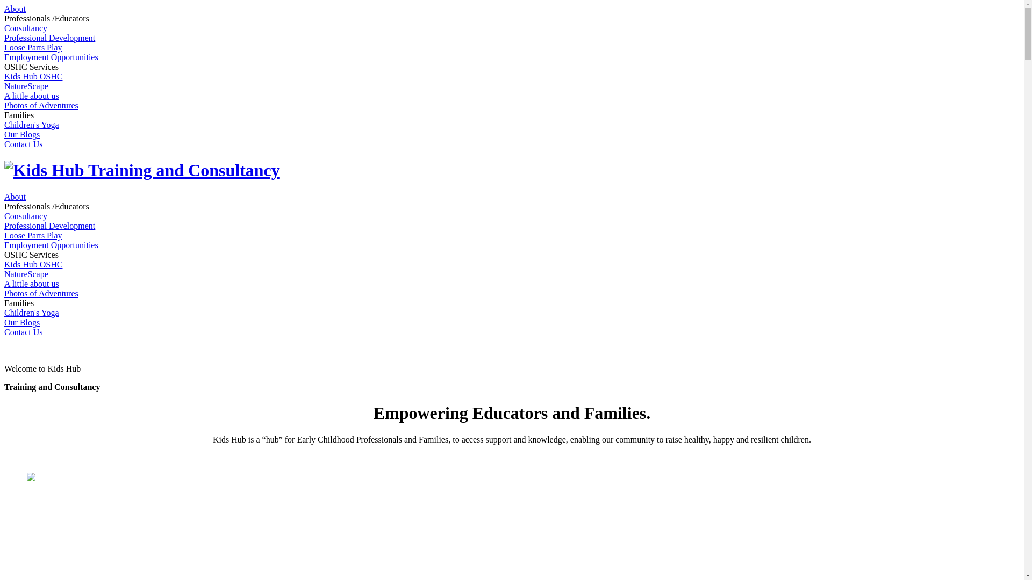  I want to click on 'Employment Opportunities', so click(51, 57).